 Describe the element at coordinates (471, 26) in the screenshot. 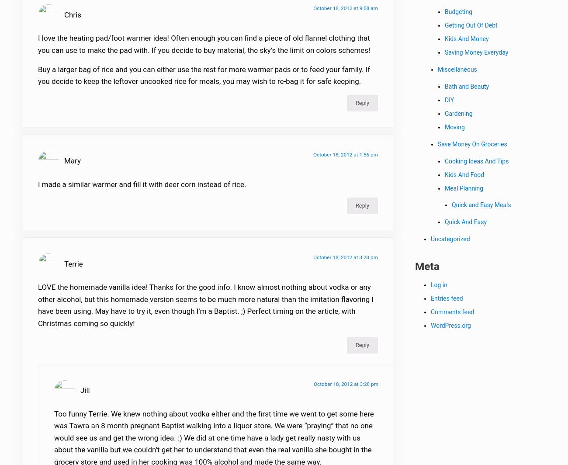

I see `'Getting Out Of Debt'` at that location.